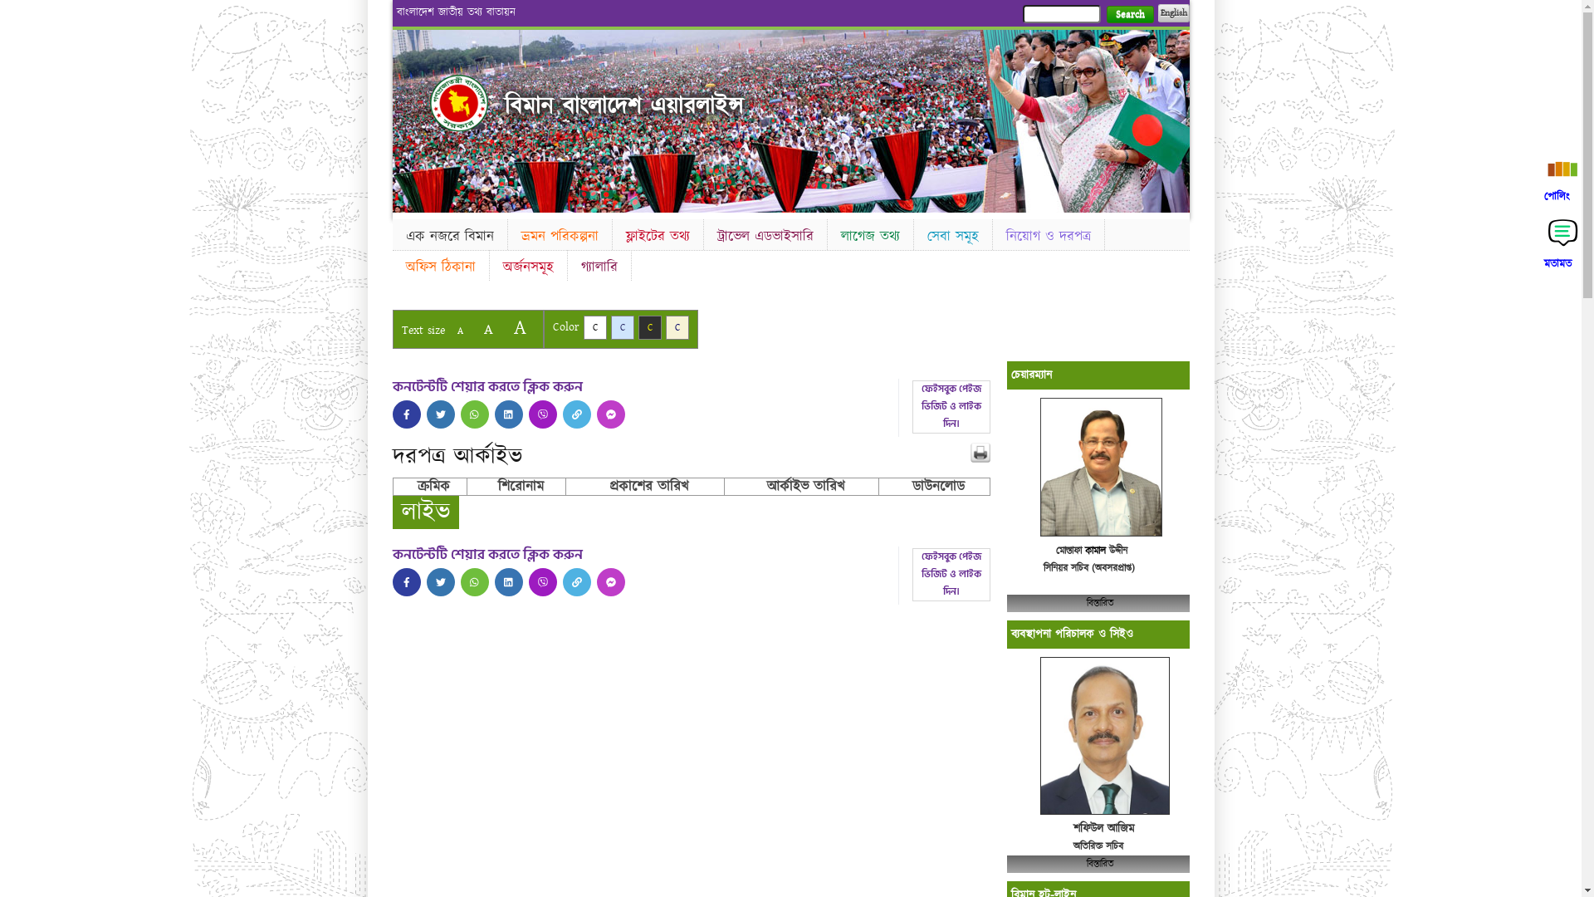  Describe the element at coordinates (609, 327) in the screenshot. I see `'C'` at that location.